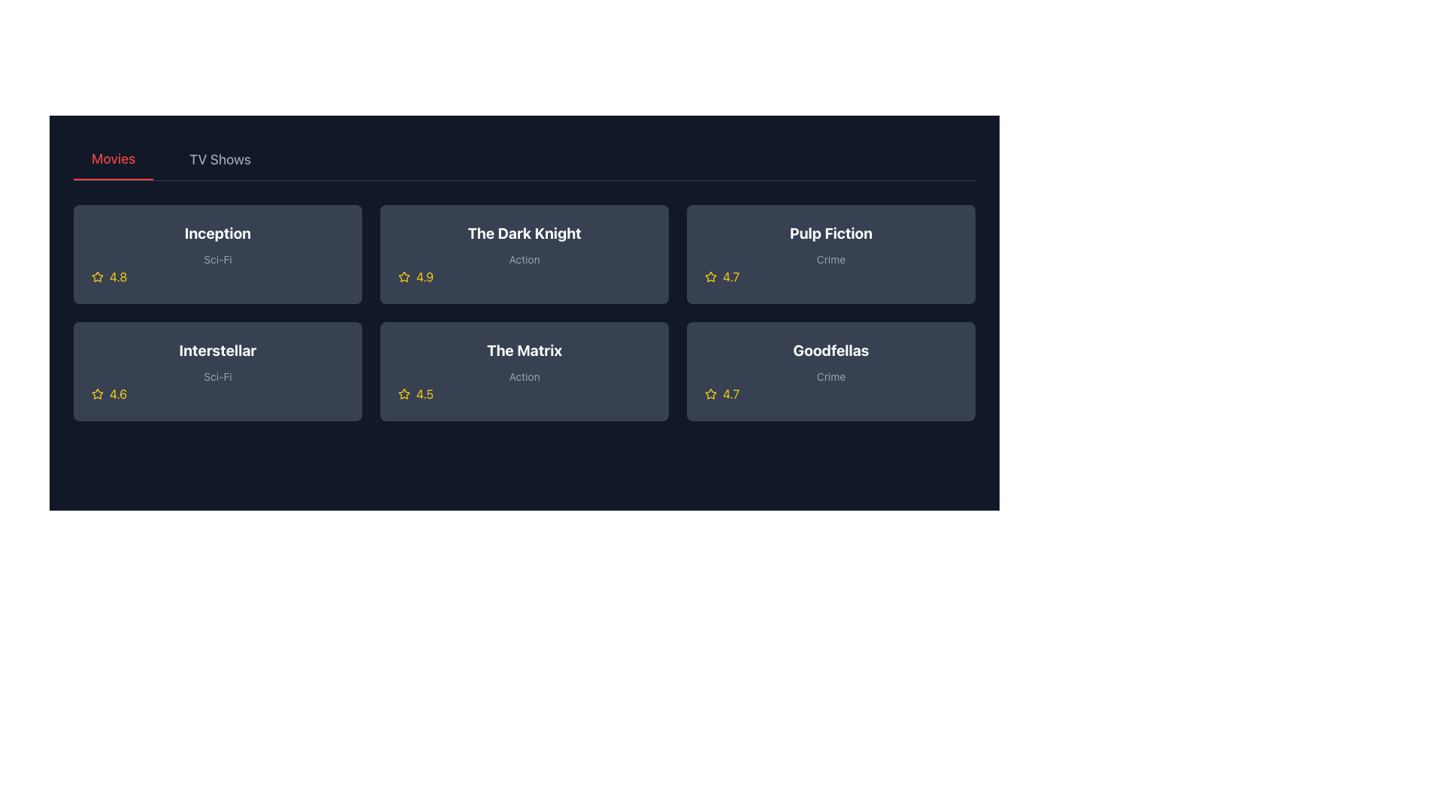 The height and width of the screenshot is (811, 1443). Describe the element at coordinates (524, 362) in the screenshot. I see `the movie card displaying 'The Matrix' in the second row of a grid of six cards` at that location.